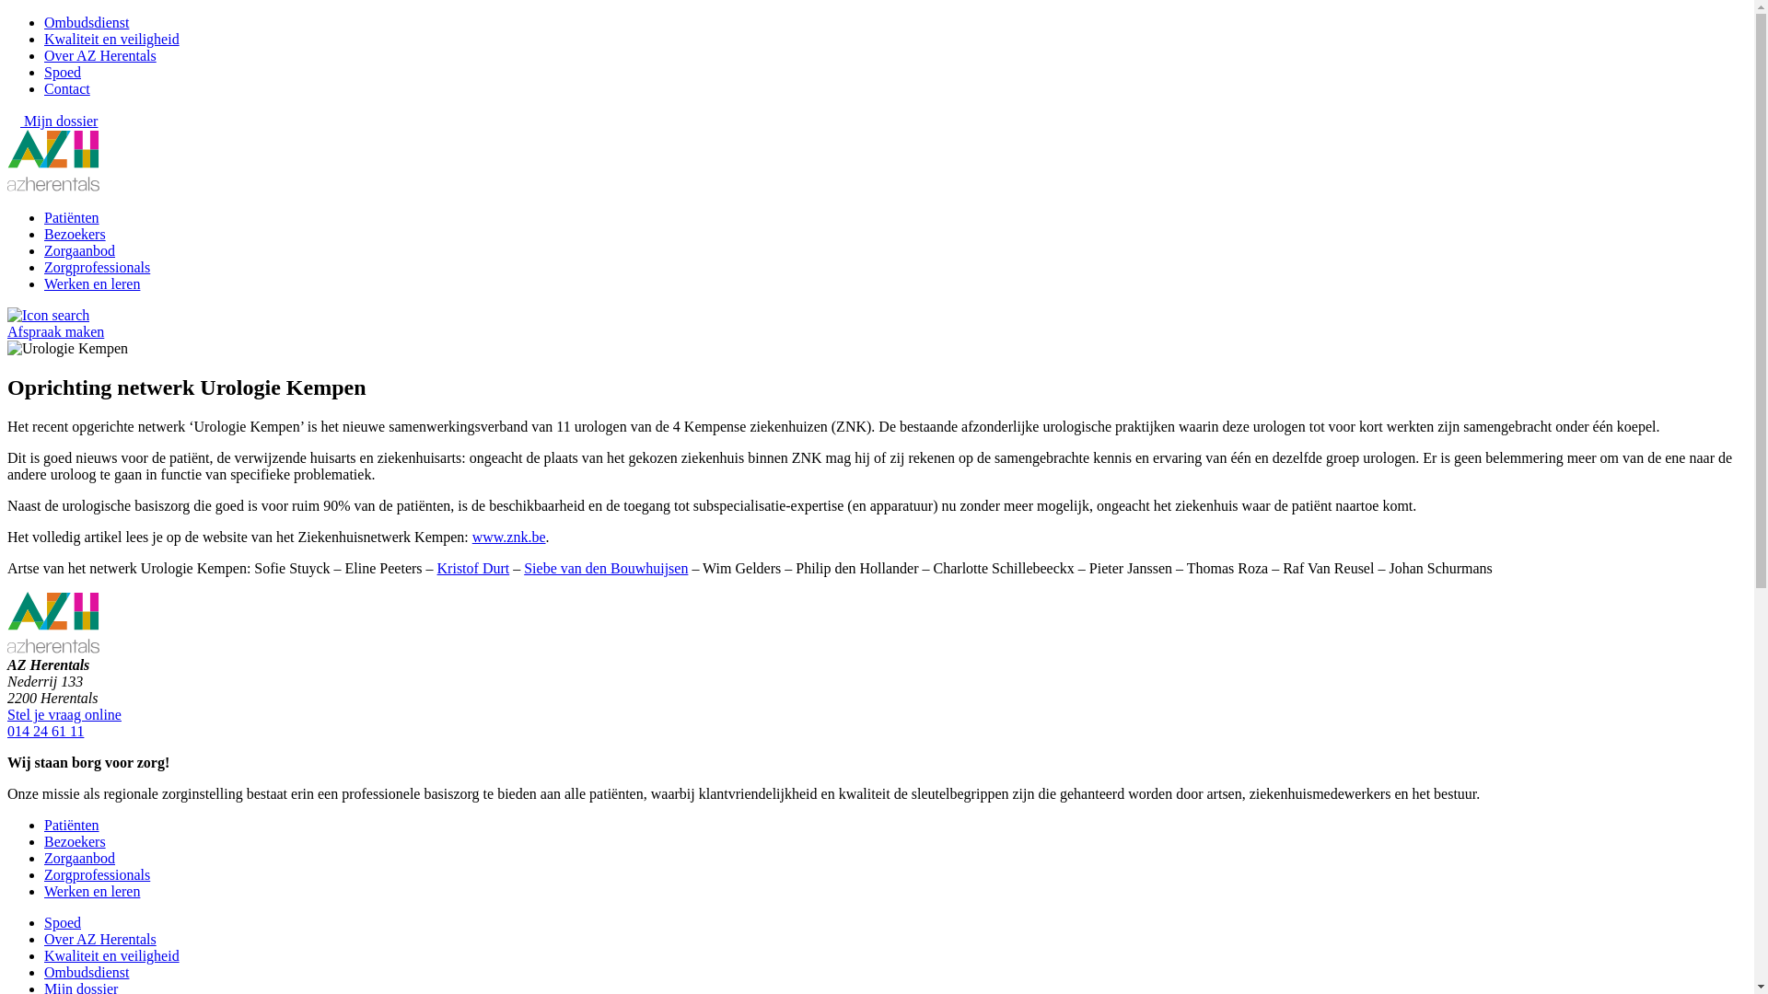  What do you see at coordinates (78, 858) in the screenshot?
I see `'Zorgaanbod'` at bounding box center [78, 858].